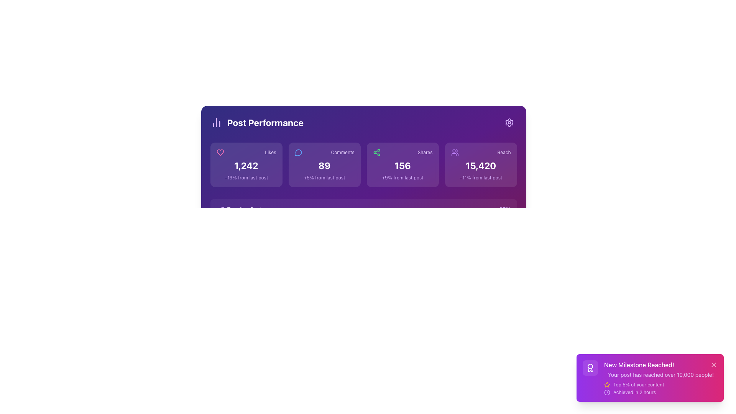 This screenshot has height=414, width=736. What do you see at coordinates (660, 365) in the screenshot?
I see `the text label that displays 'New Milestone Reached!' in bold white font within a gradient magenta and purple notification bubble located at the bottom-right corner of the interface` at bounding box center [660, 365].